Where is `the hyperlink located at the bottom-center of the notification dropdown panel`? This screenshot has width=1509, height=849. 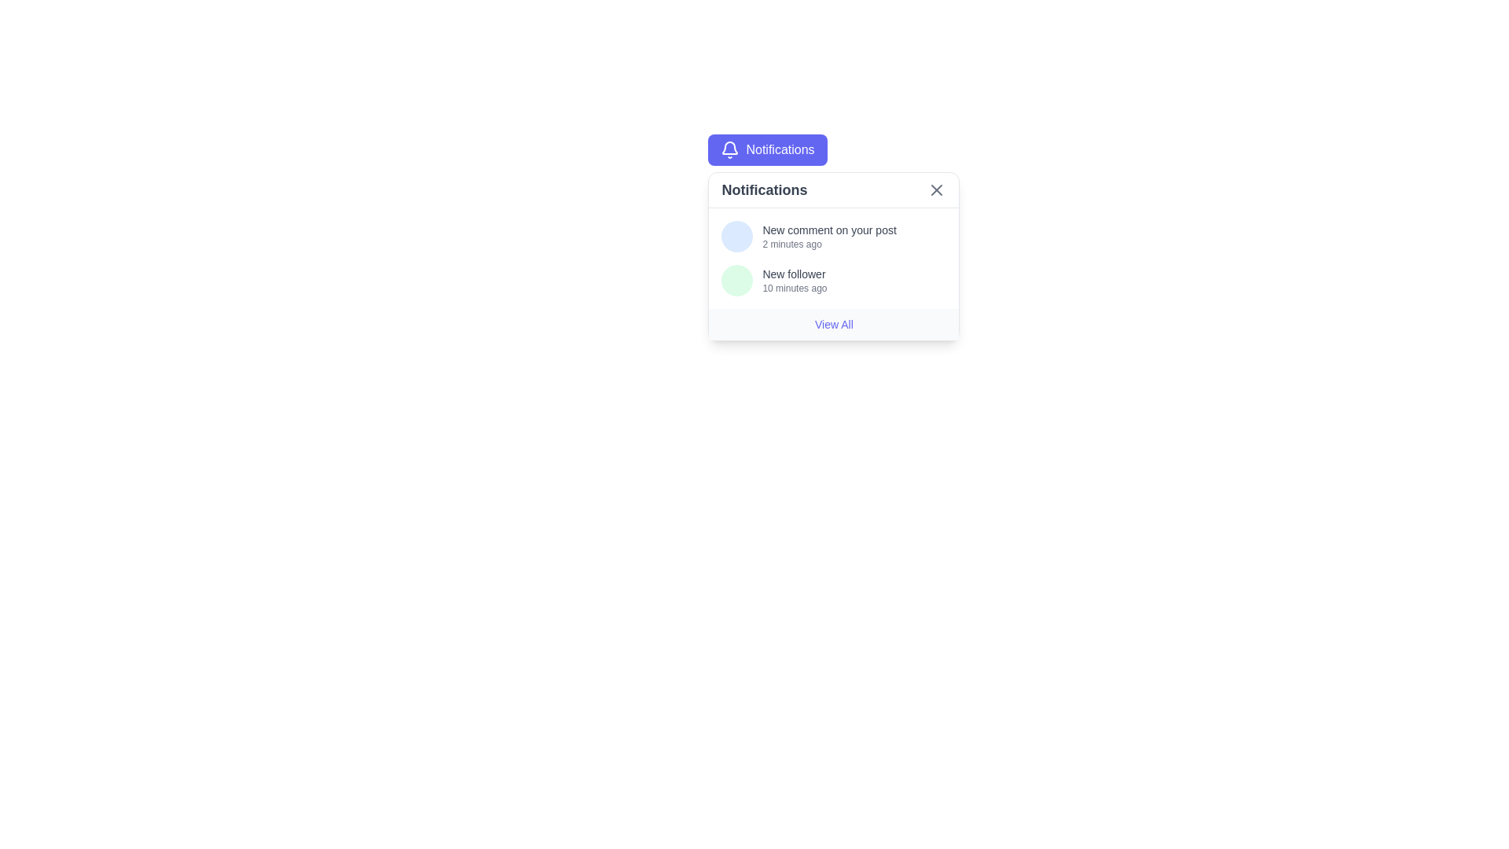 the hyperlink located at the bottom-center of the notification dropdown panel is located at coordinates (833, 323).